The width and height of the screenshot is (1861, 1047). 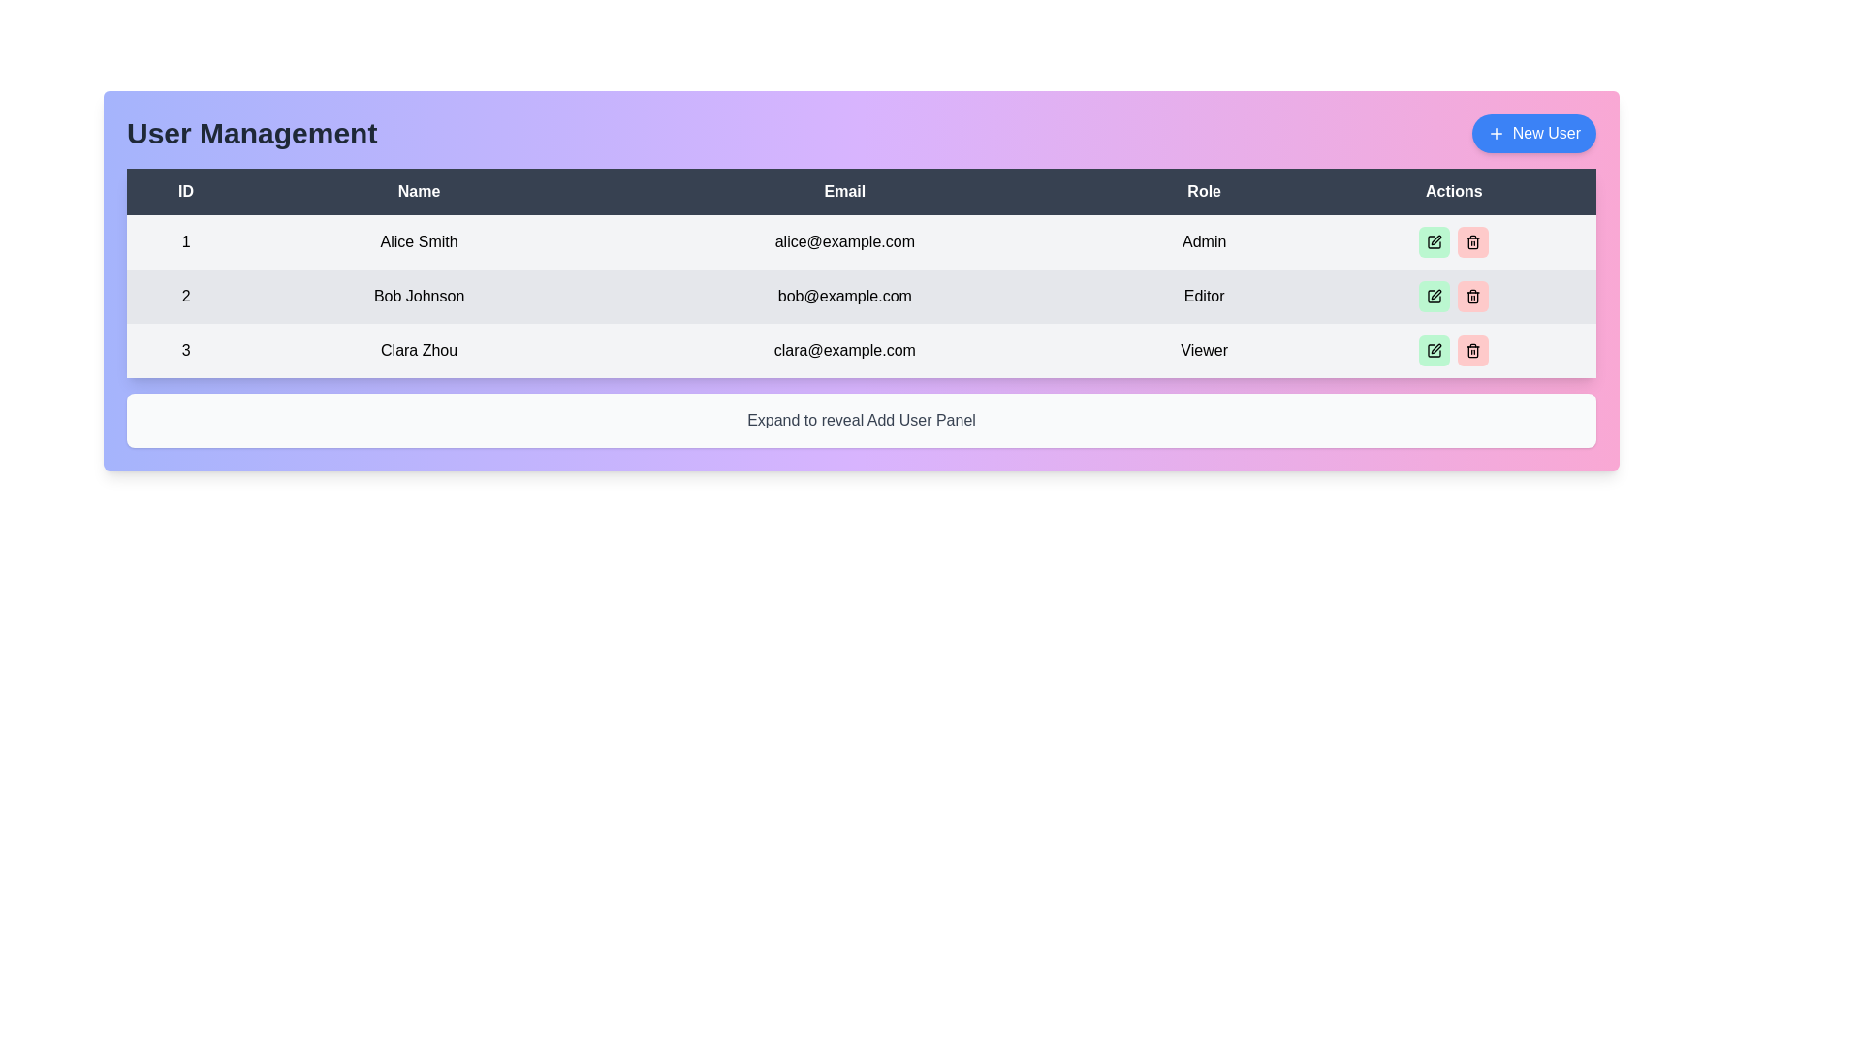 I want to click on displayed value of the static text label showing the number '1', which is located in the first column of the table under the 'ID' header, so click(x=186, y=241).